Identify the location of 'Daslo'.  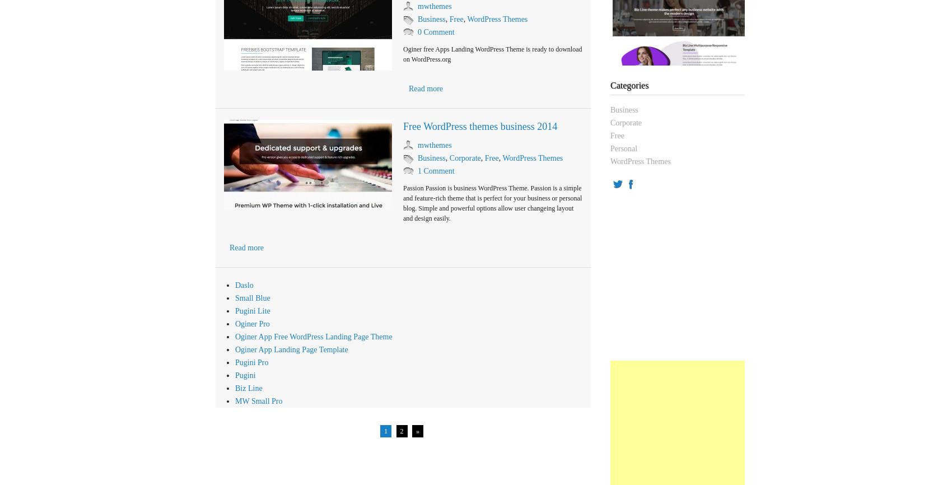
(235, 285).